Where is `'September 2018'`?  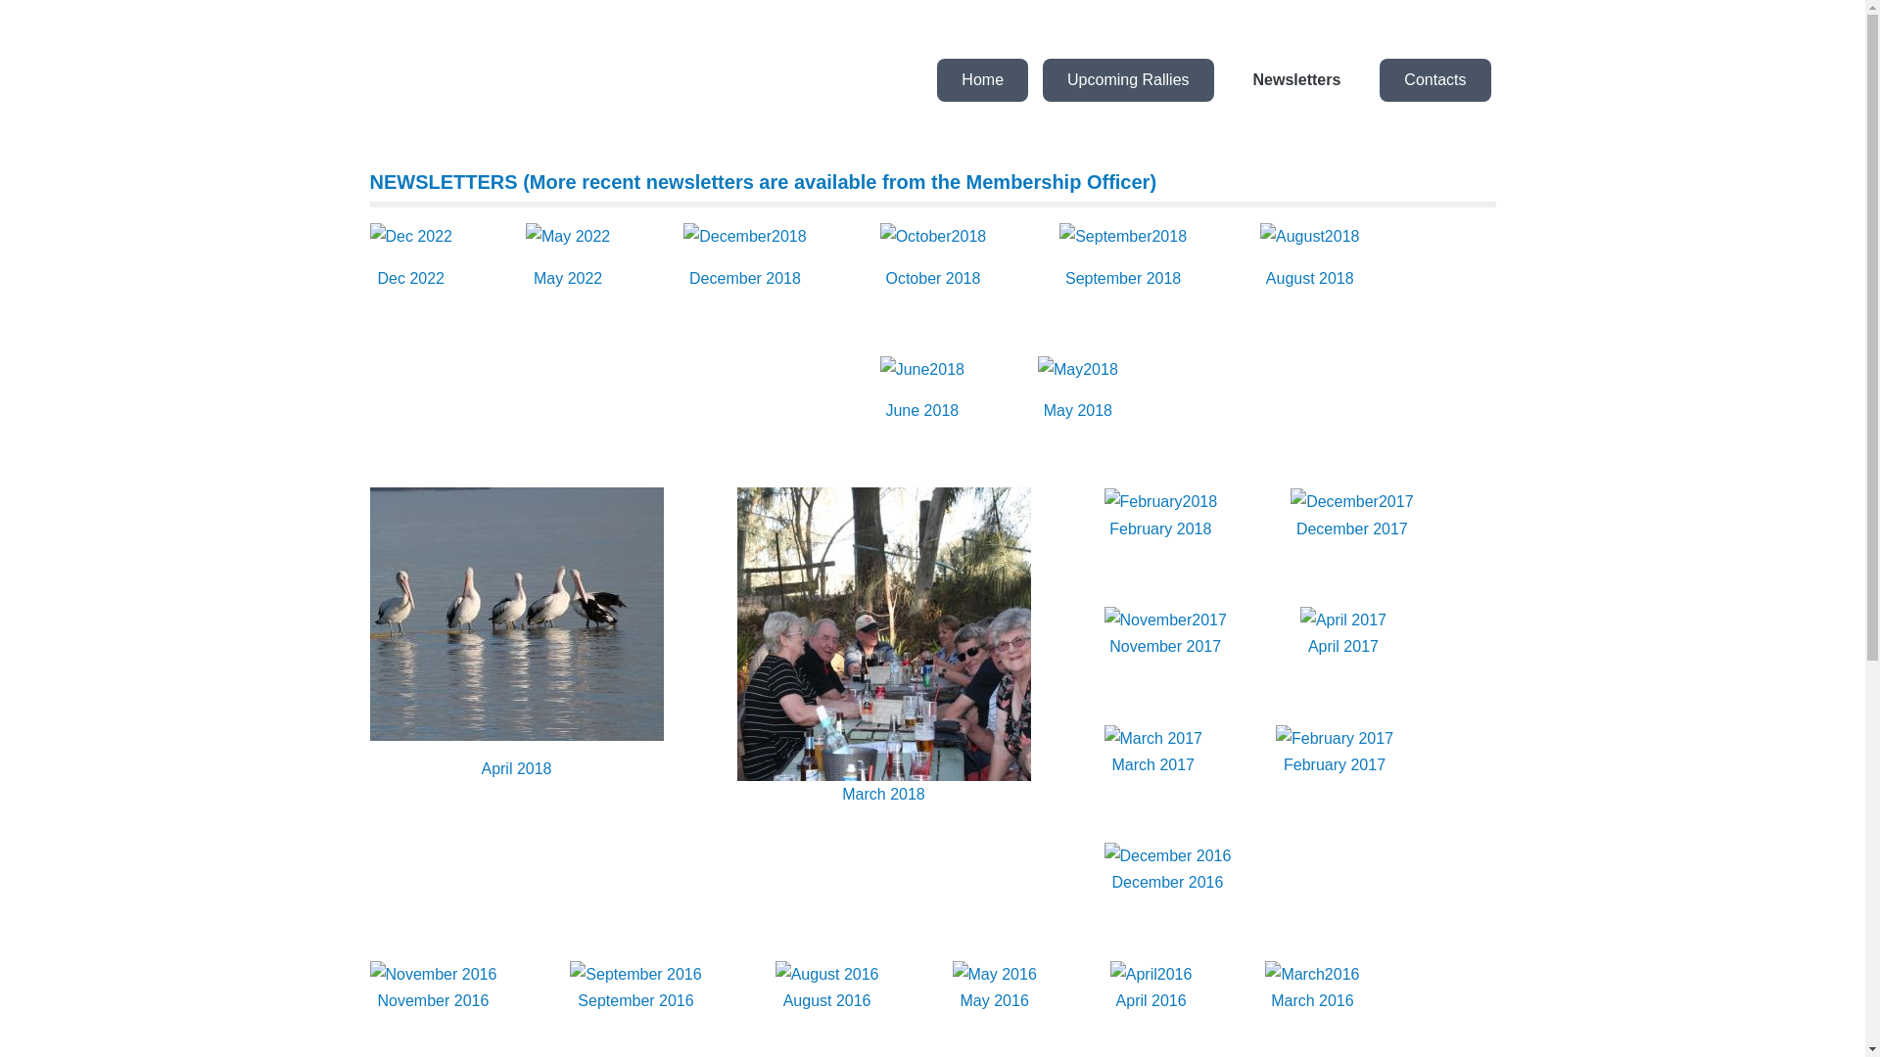
'September 2018' is located at coordinates (1123, 278).